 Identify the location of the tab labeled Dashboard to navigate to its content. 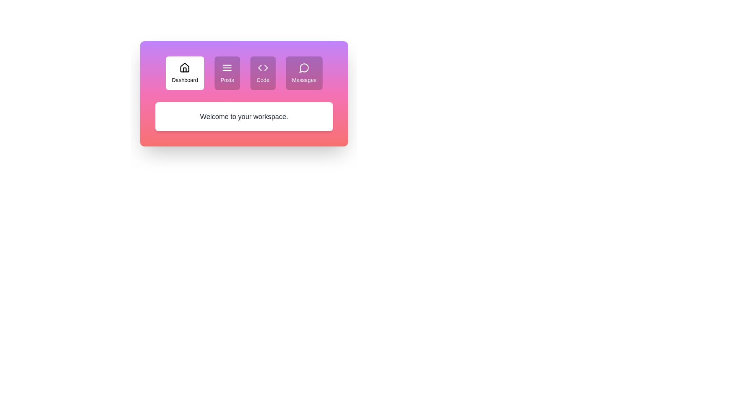
(185, 73).